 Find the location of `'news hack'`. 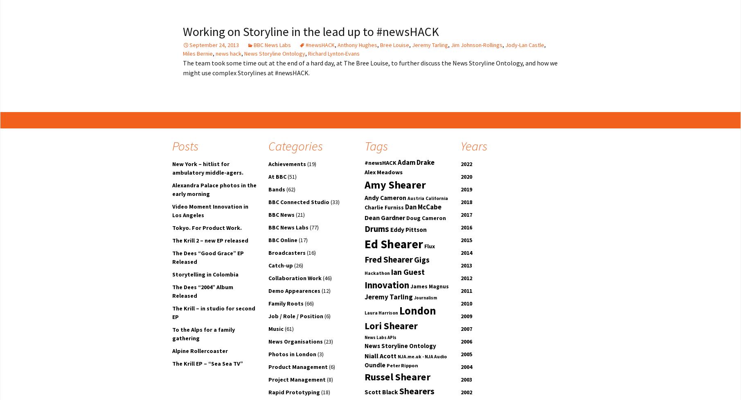

'news hack' is located at coordinates (227, 53).